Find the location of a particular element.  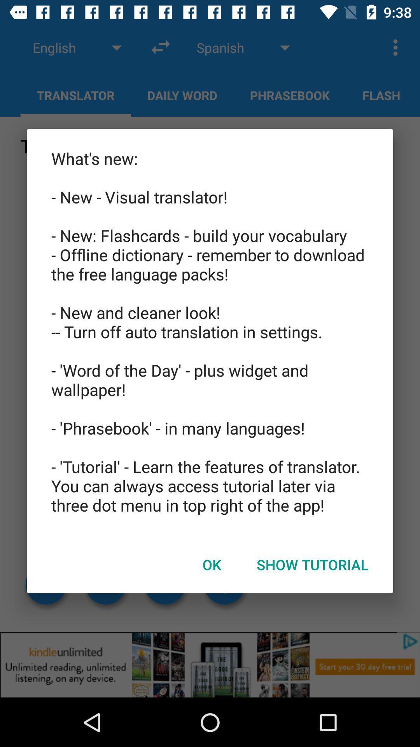

the icon to the left of show tutorial item is located at coordinates (212, 565).